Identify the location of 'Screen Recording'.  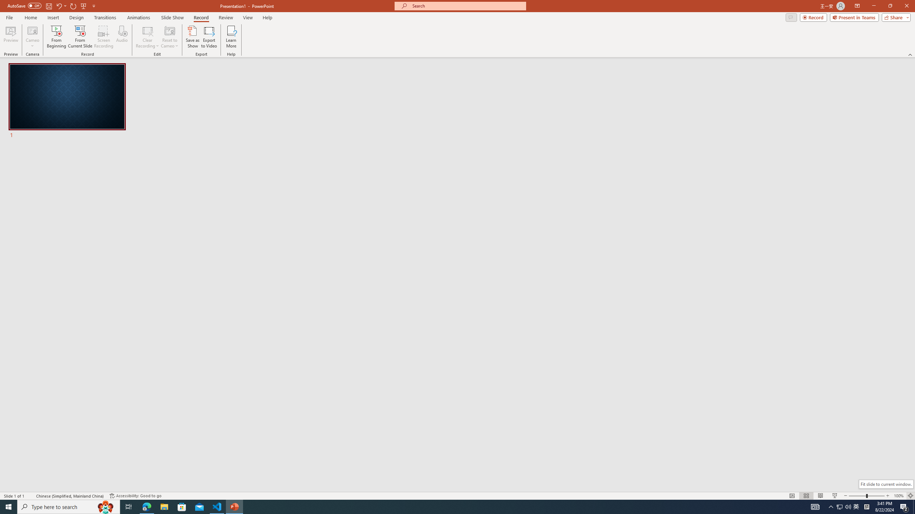
(103, 37).